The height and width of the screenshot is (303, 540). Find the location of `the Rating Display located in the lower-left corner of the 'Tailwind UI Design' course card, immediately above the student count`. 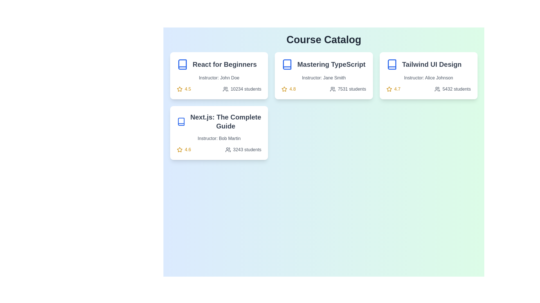

the Rating Display located in the lower-left corner of the 'Tailwind UI Design' course card, immediately above the student count is located at coordinates (393, 89).